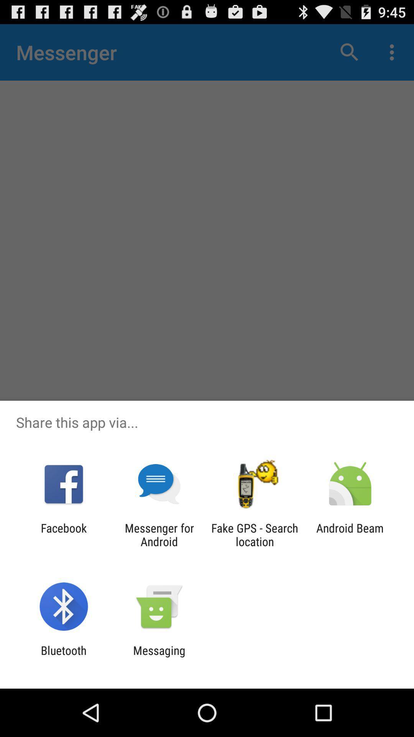 The image size is (414, 737). Describe the element at coordinates (159, 534) in the screenshot. I see `item to the left of fake gps search icon` at that location.